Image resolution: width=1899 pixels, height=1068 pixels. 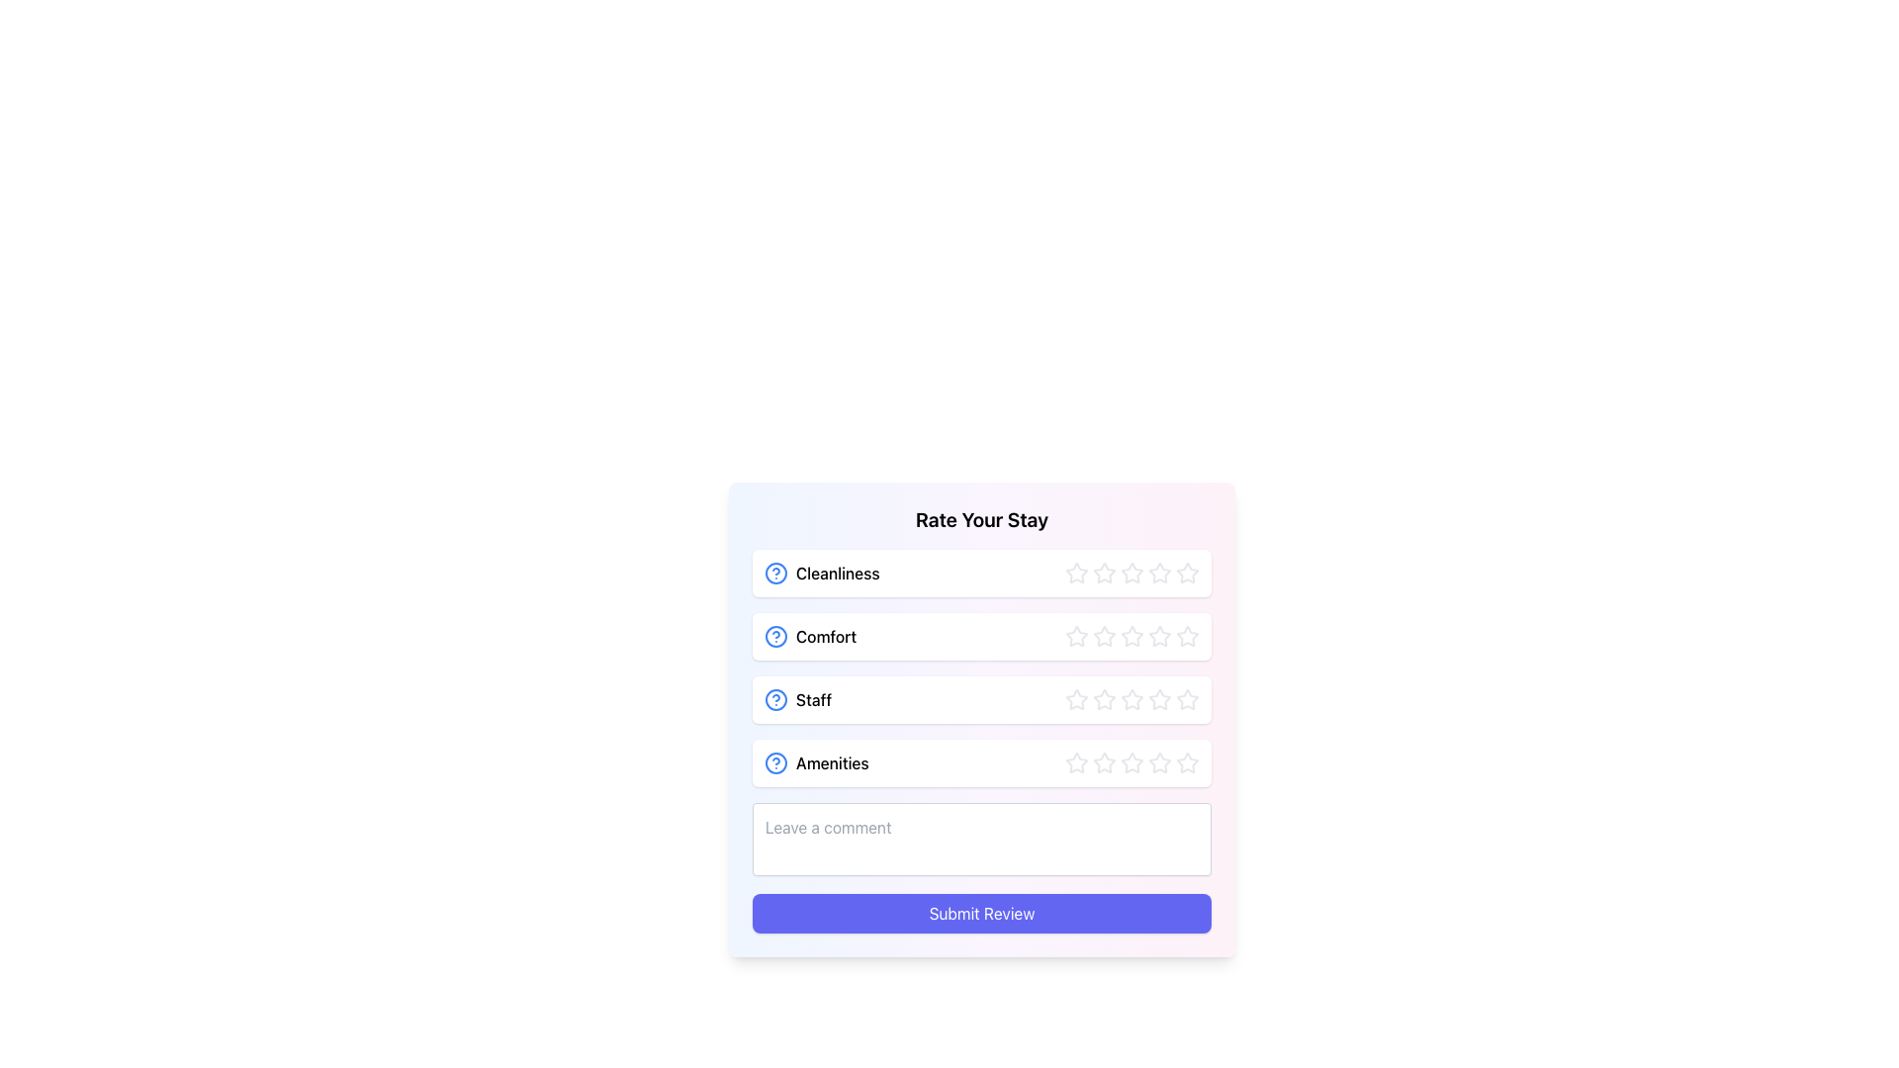 What do you see at coordinates (775, 573) in the screenshot?
I see `the informational icon located at the far left of the 'Cleanliness' row` at bounding box center [775, 573].